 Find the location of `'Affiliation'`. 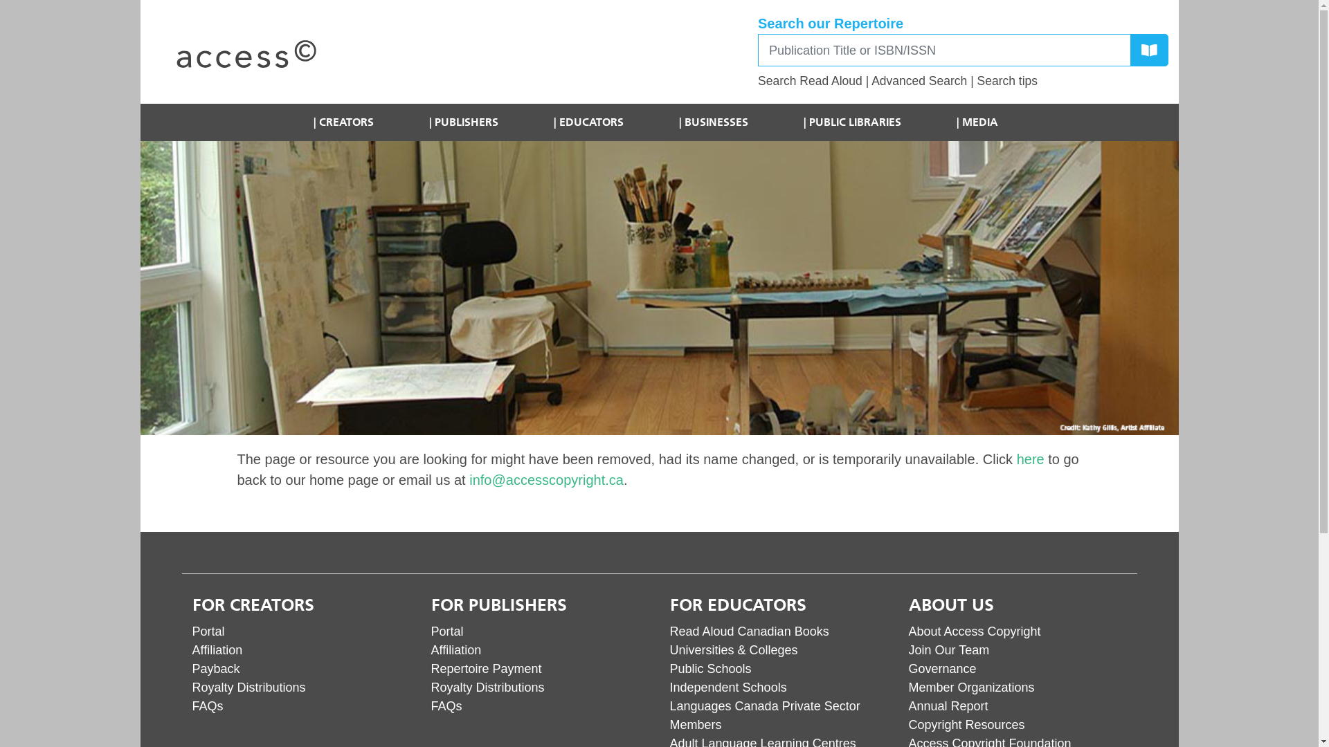

'Affiliation' is located at coordinates (217, 650).